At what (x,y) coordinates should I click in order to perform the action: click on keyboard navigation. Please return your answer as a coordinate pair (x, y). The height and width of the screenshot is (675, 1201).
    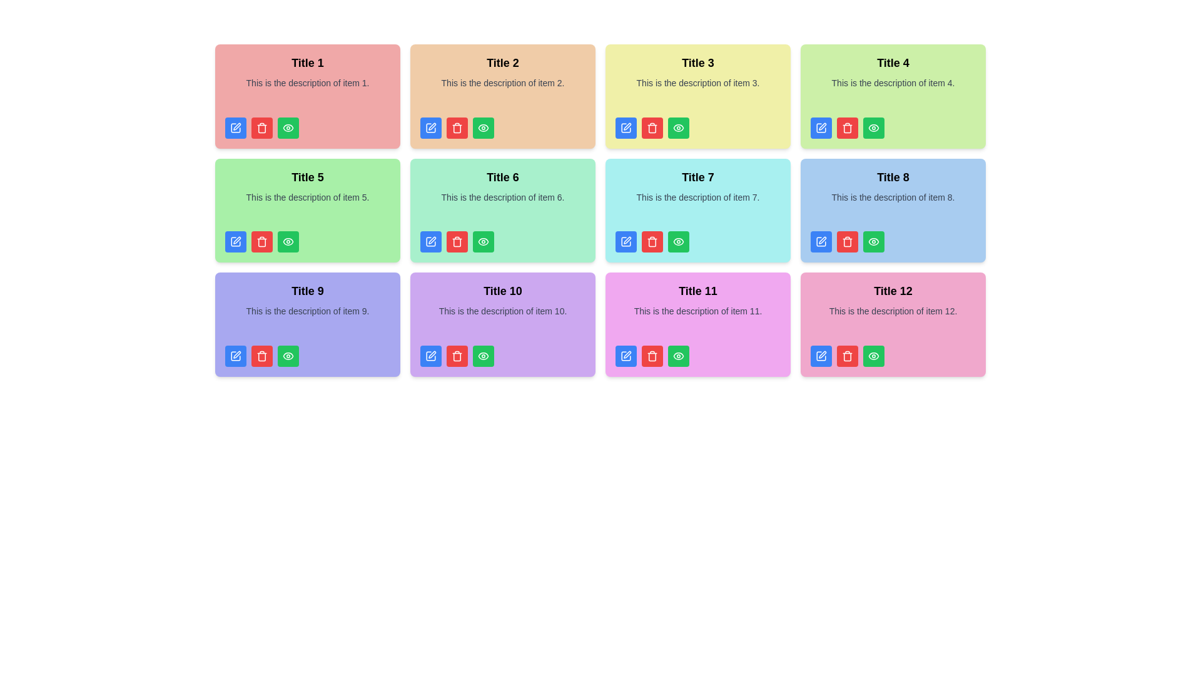
    Looking at the image, I should click on (237, 240).